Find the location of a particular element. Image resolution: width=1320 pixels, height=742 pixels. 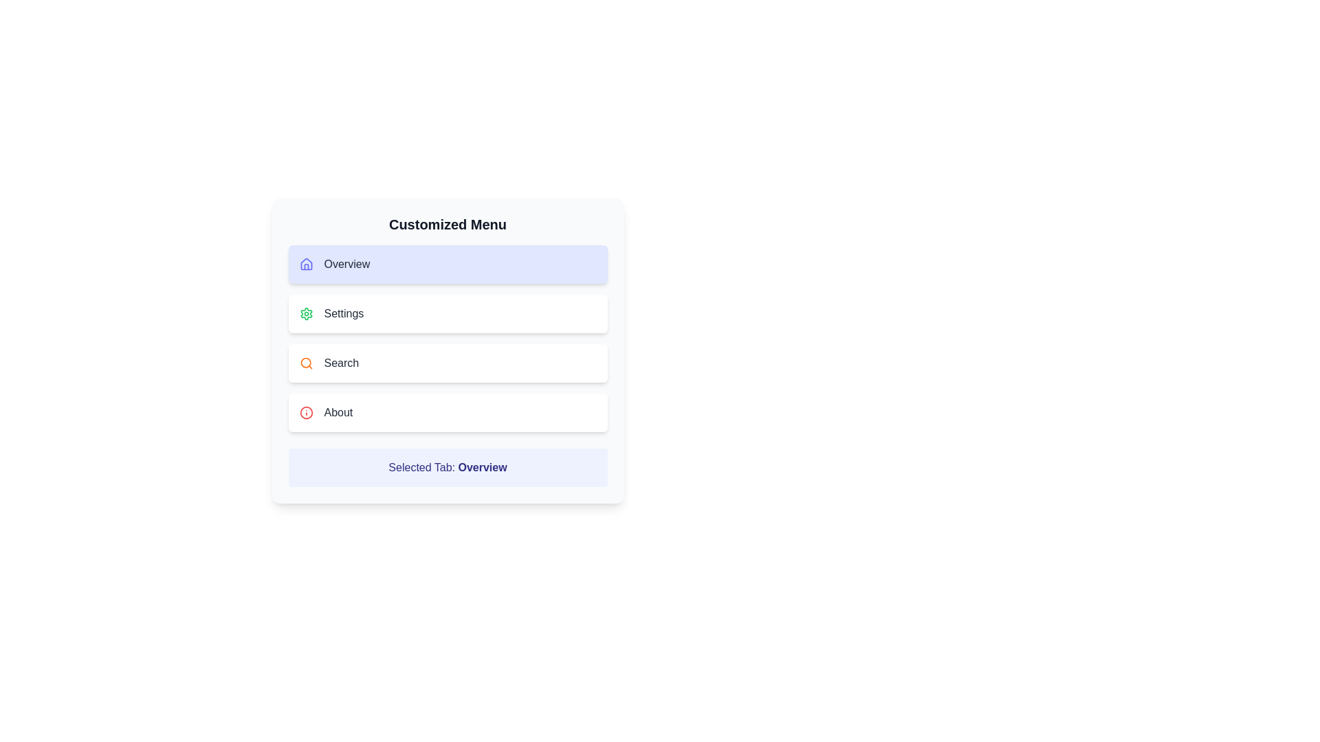

the tab labeled Search from the menu is located at coordinates (448, 362).